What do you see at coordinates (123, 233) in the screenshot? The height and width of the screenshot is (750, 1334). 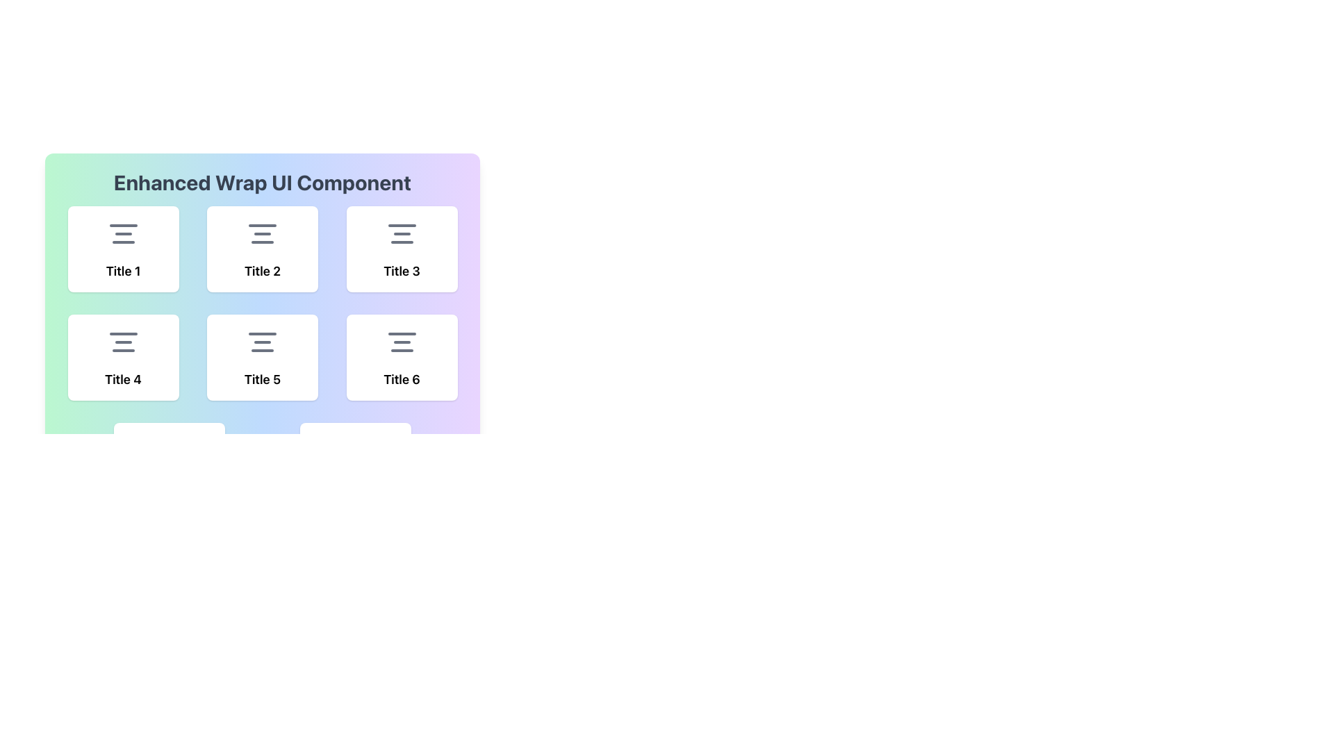 I see `the icon located above the text 'Title 1' in the first card of the 3x2 grid layout` at bounding box center [123, 233].